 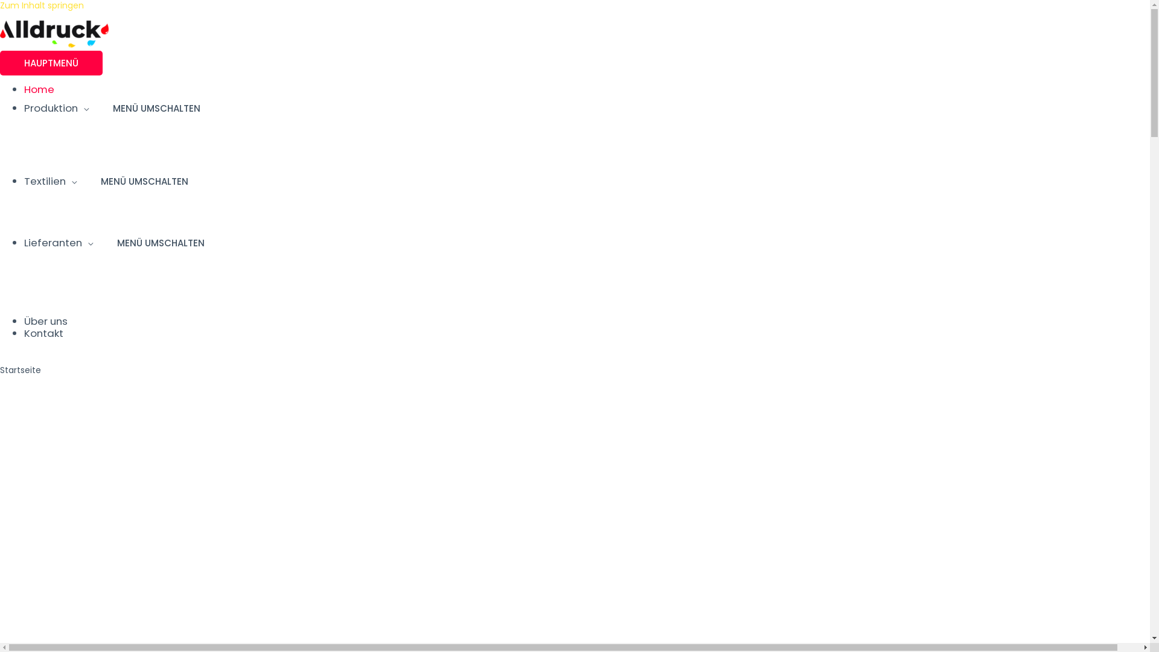 I want to click on 'Lieferanten', so click(x=57, y=242).